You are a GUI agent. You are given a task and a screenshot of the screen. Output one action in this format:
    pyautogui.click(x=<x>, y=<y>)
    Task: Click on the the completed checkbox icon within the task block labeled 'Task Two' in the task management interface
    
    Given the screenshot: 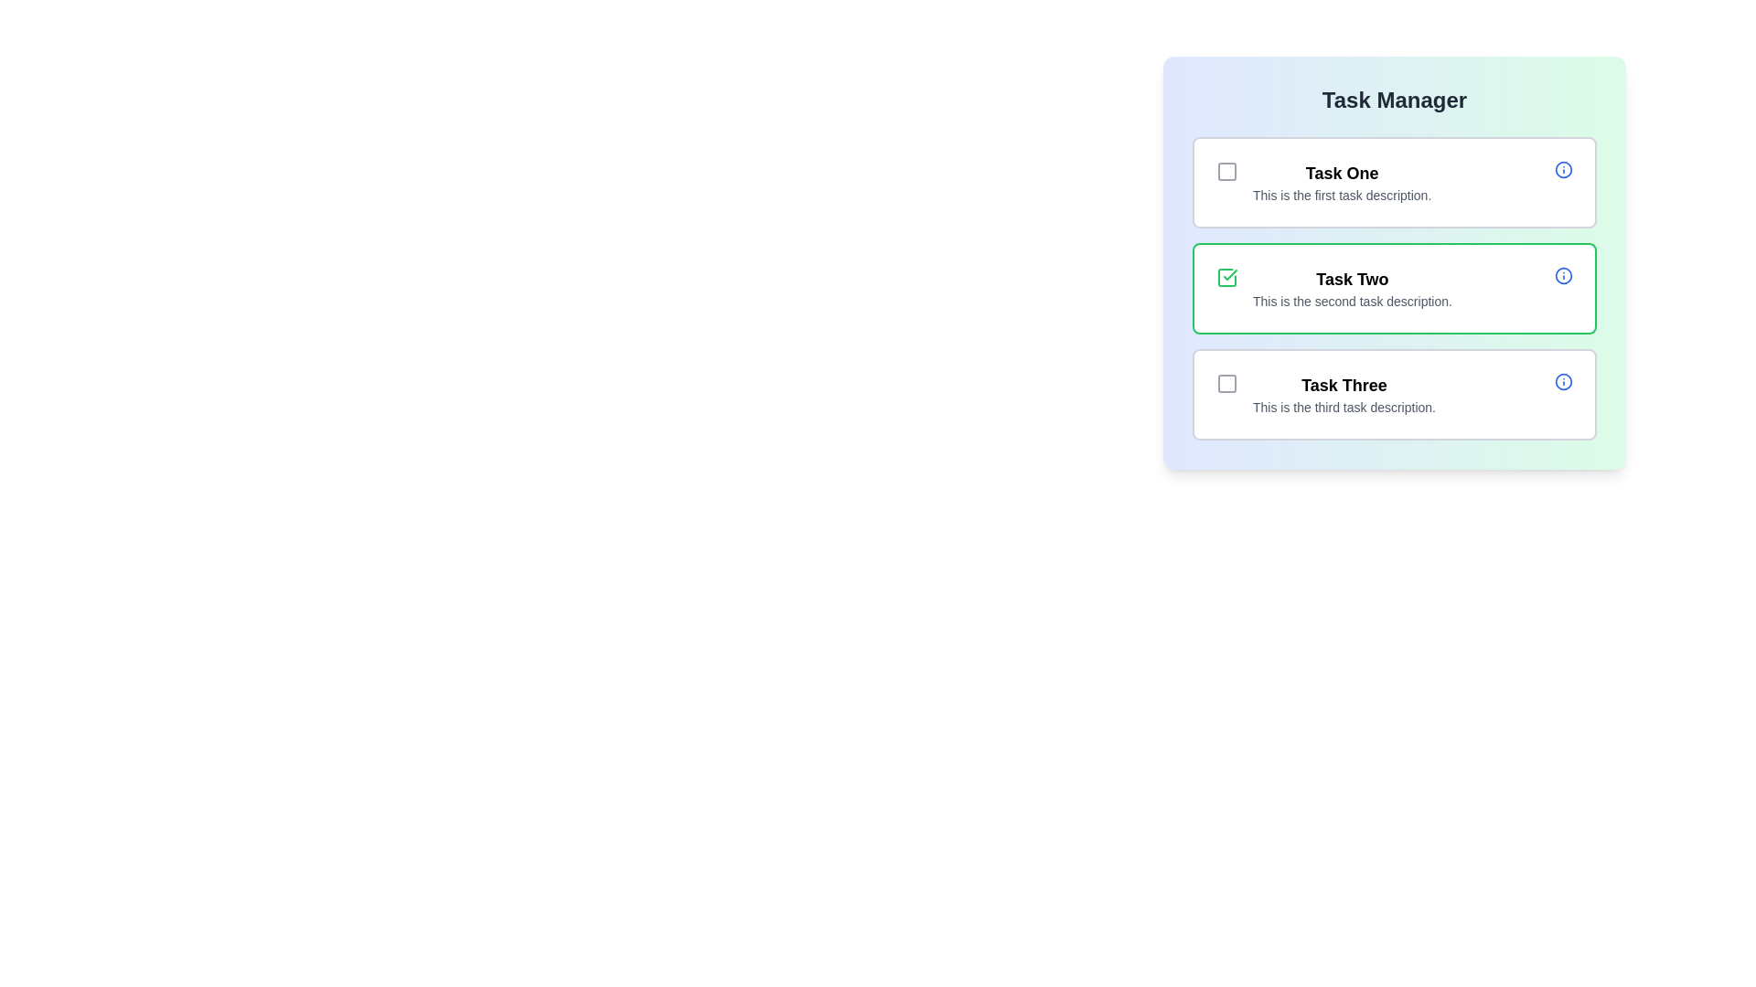 What is the action you would take?
    pyautogui.click(x=1227, y=278)
    